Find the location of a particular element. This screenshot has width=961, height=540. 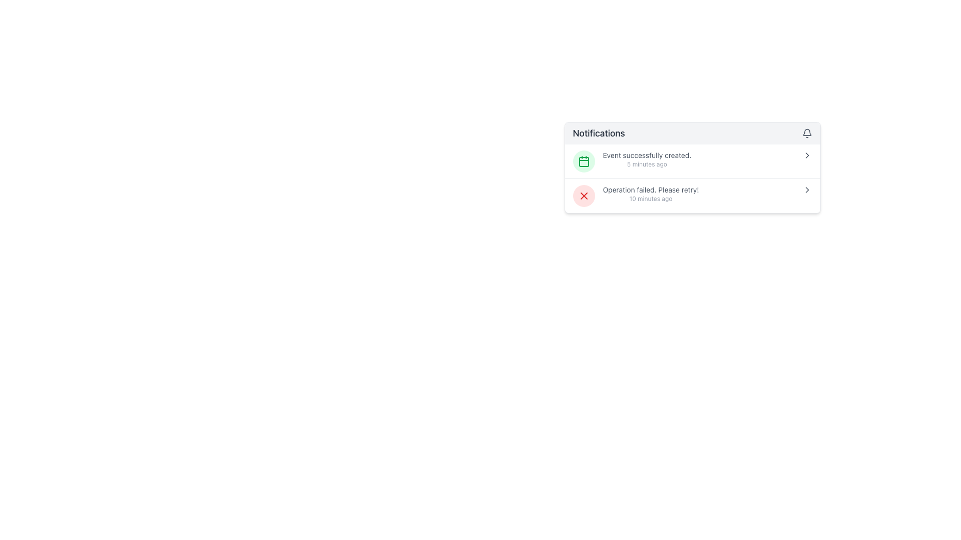

the right-facing chevron icon located at the far right of the notification entry that reads 'Operation failed. Please retry!' is located at coordinates (807, 190).